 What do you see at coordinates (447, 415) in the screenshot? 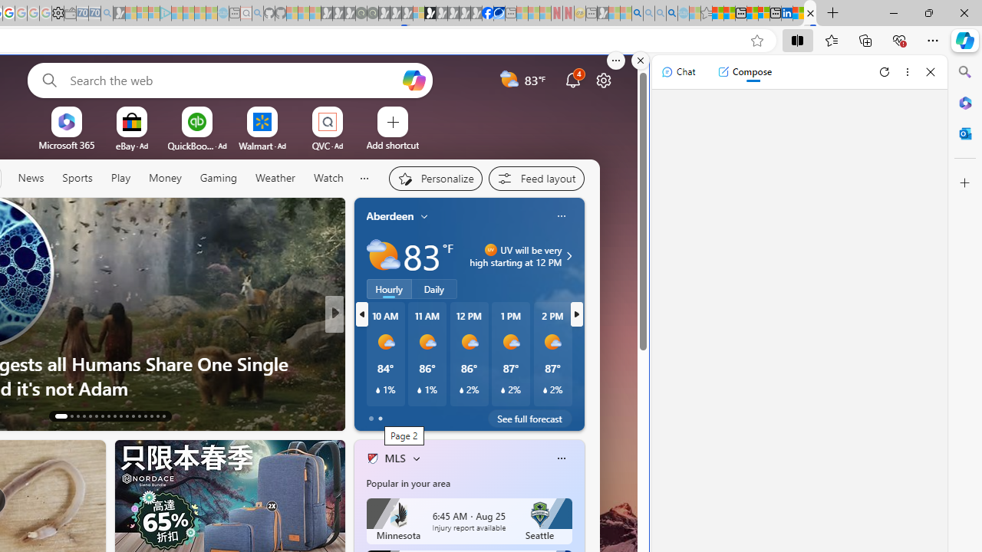
I see `'View comments 18 Comment'` at bounding box center [447, 415].